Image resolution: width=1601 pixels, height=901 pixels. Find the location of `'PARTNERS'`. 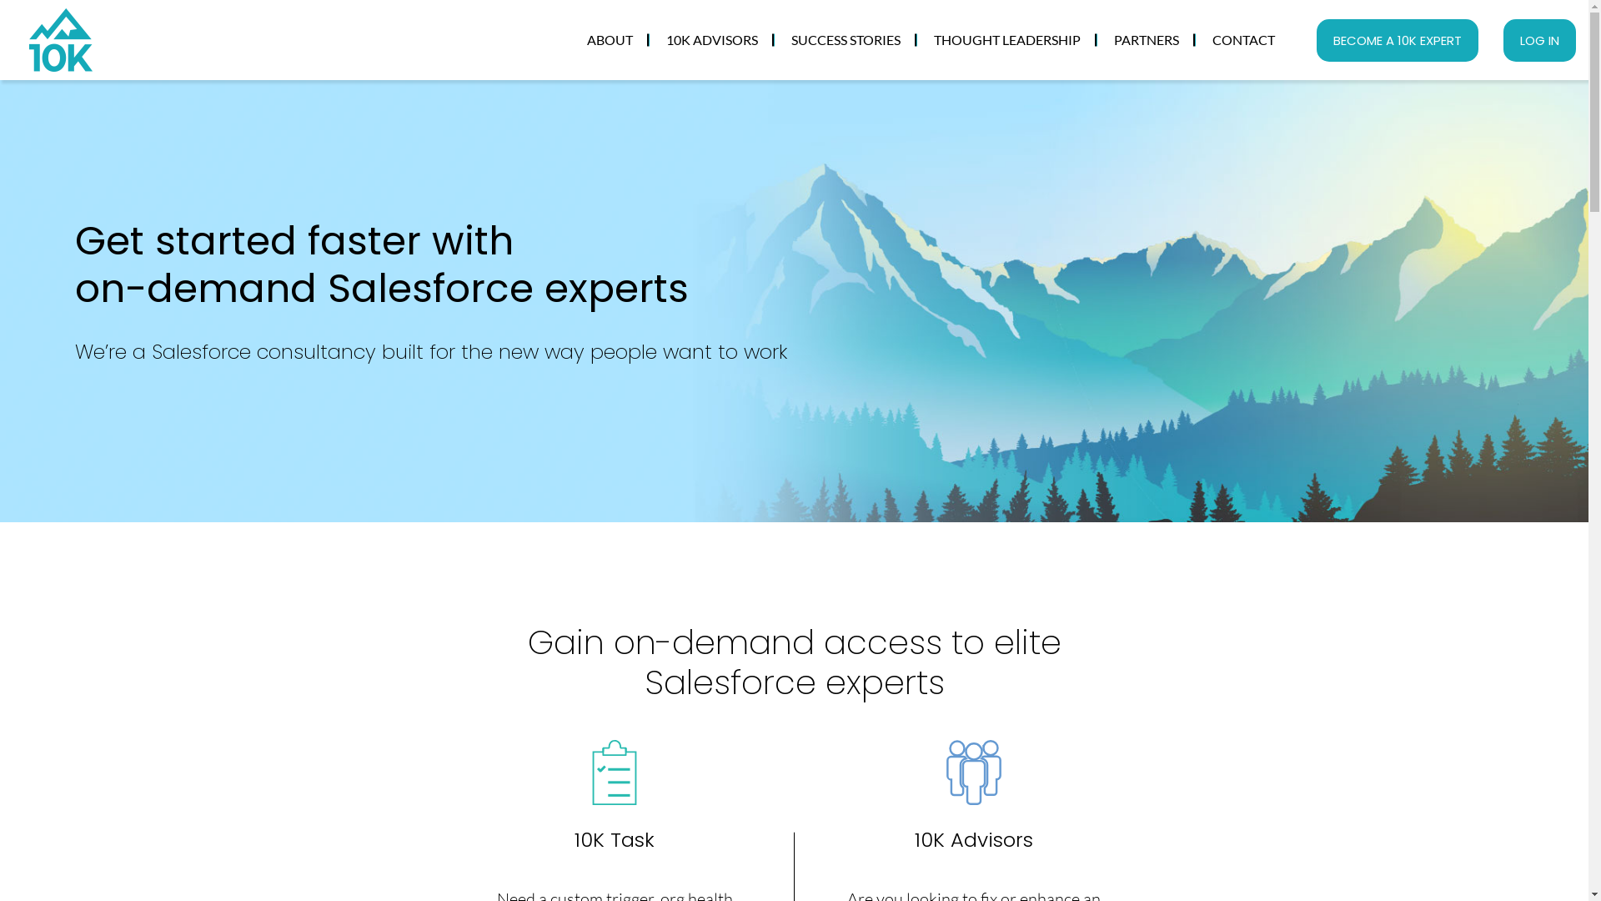

'PARTNERS' is located at coordinates (1145, 38).